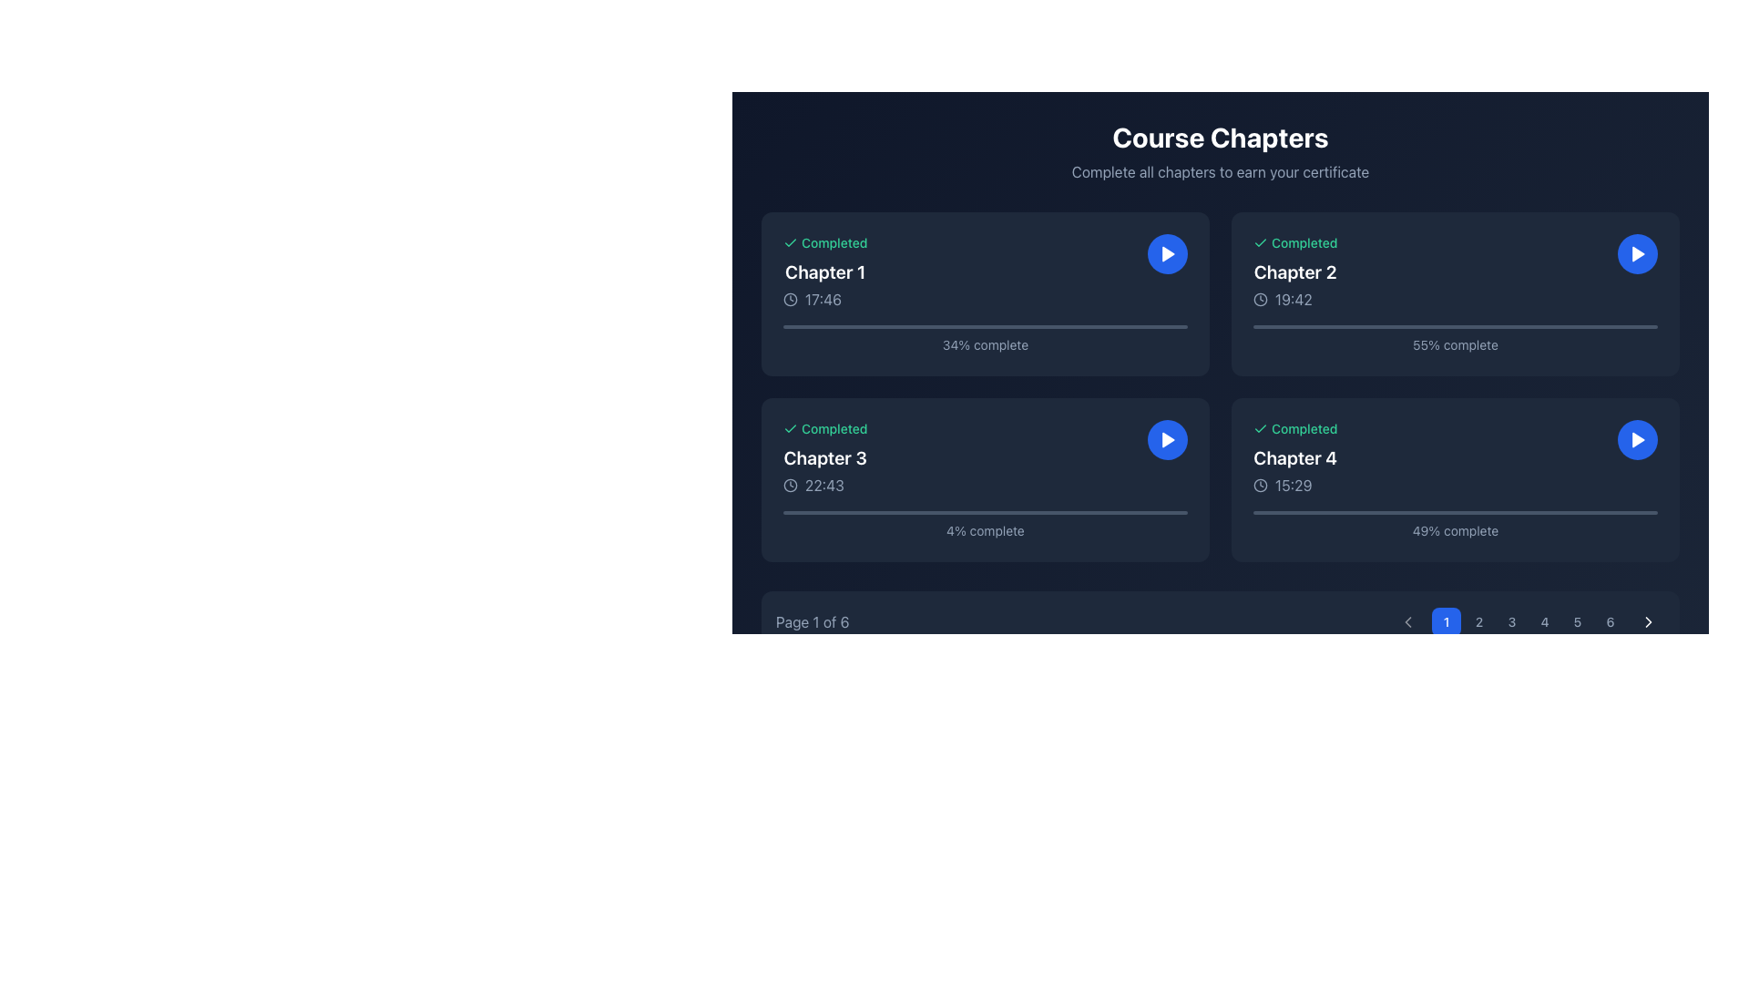 The image size is (1749, 984). I want to click on header text block displaying 'Course Chapters' and 'Complete all chapters to earn your certificate' to understand the section's purpose, so click(1220, 150).